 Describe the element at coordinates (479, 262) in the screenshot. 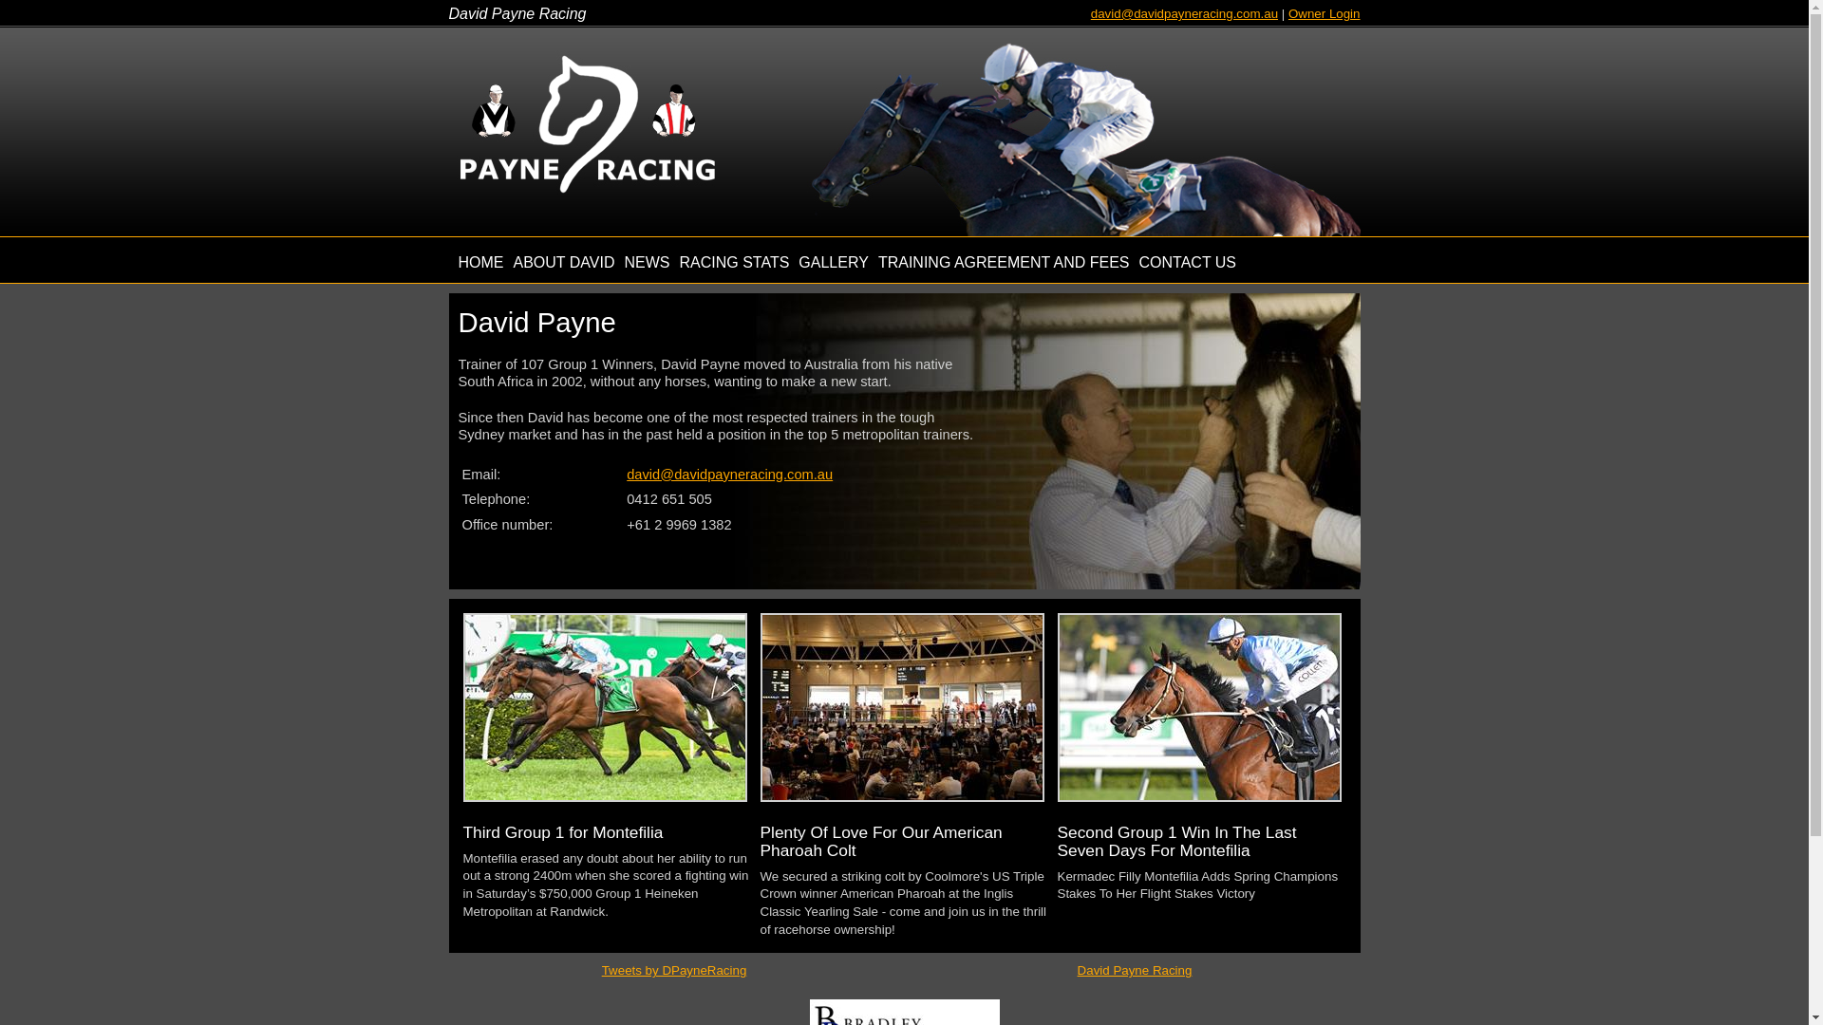

I see `'HOME'` at that location.